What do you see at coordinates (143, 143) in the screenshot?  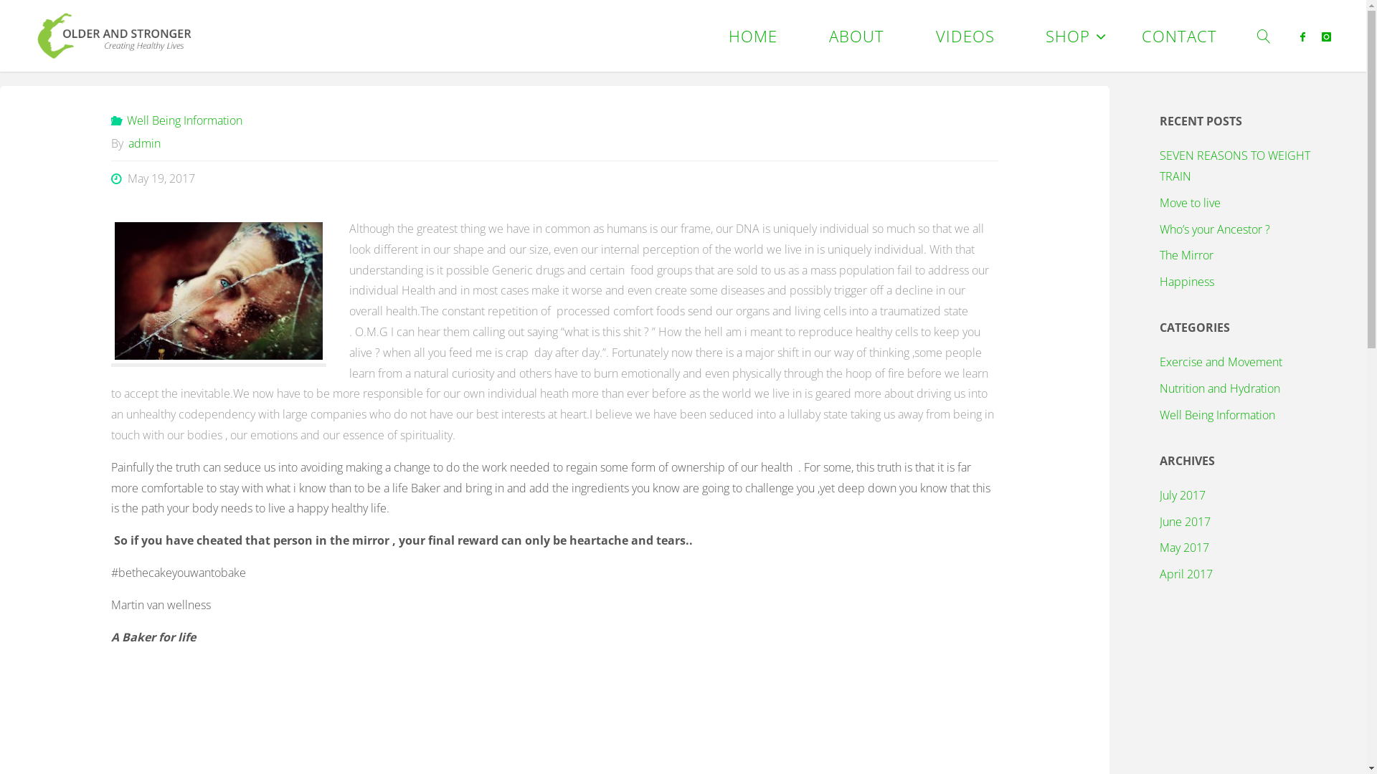 I see `'admin'` at bounding box center [143, 143].